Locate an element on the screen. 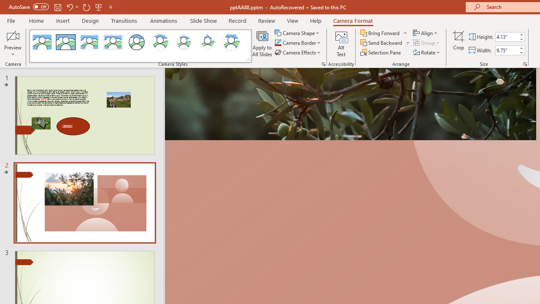 This screenshot has height=304, width=540. 'Cameo Height' is located at coordinates (506, 36).